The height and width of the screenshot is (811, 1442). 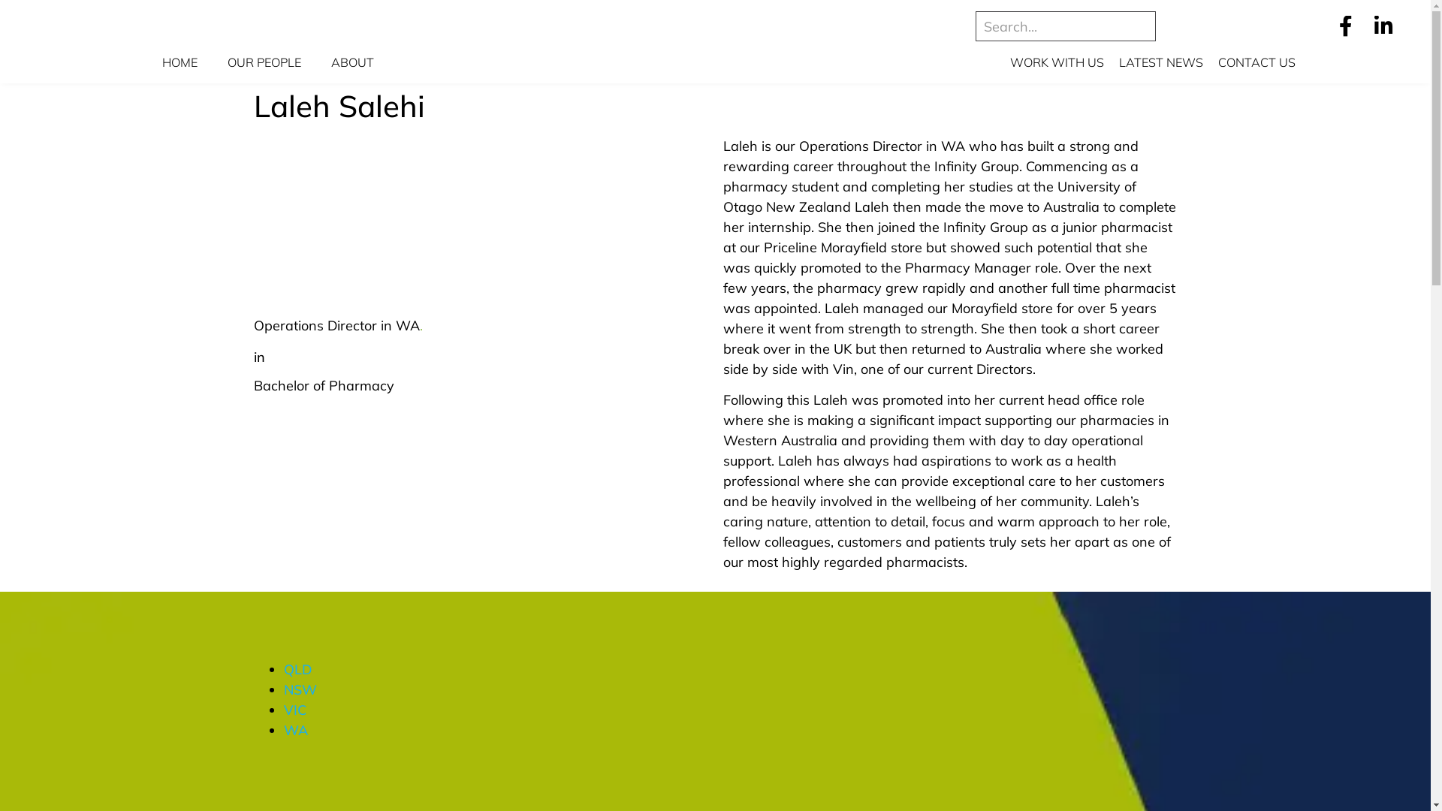 I want to click on 'WA', so click(x=295, y=729).